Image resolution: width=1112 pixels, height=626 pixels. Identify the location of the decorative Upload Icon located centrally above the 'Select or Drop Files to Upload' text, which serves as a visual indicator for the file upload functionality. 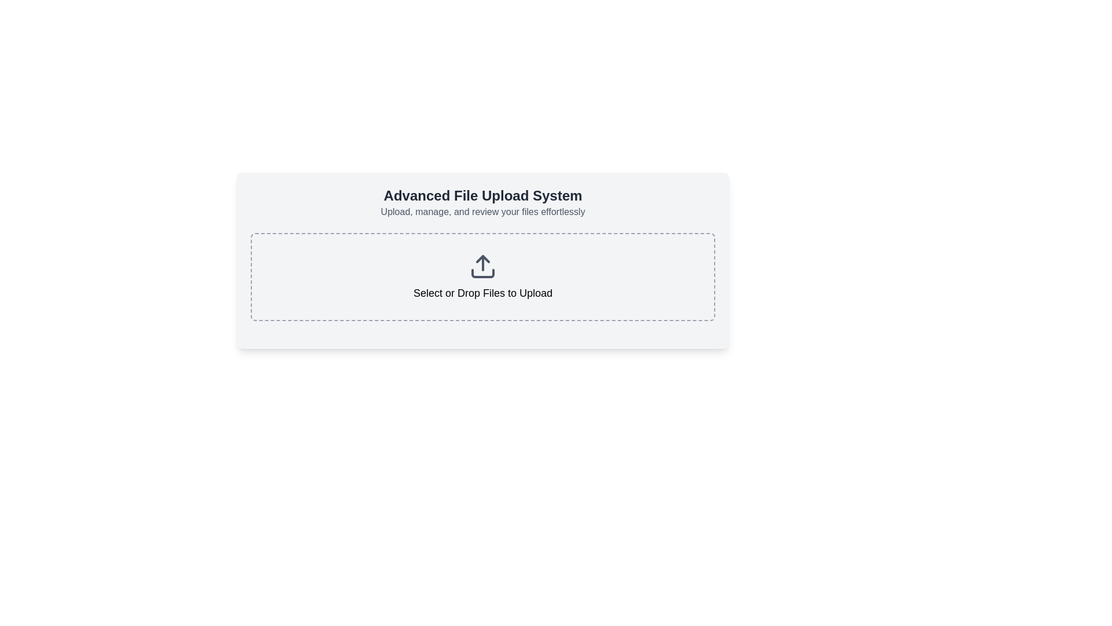
(483, 266).